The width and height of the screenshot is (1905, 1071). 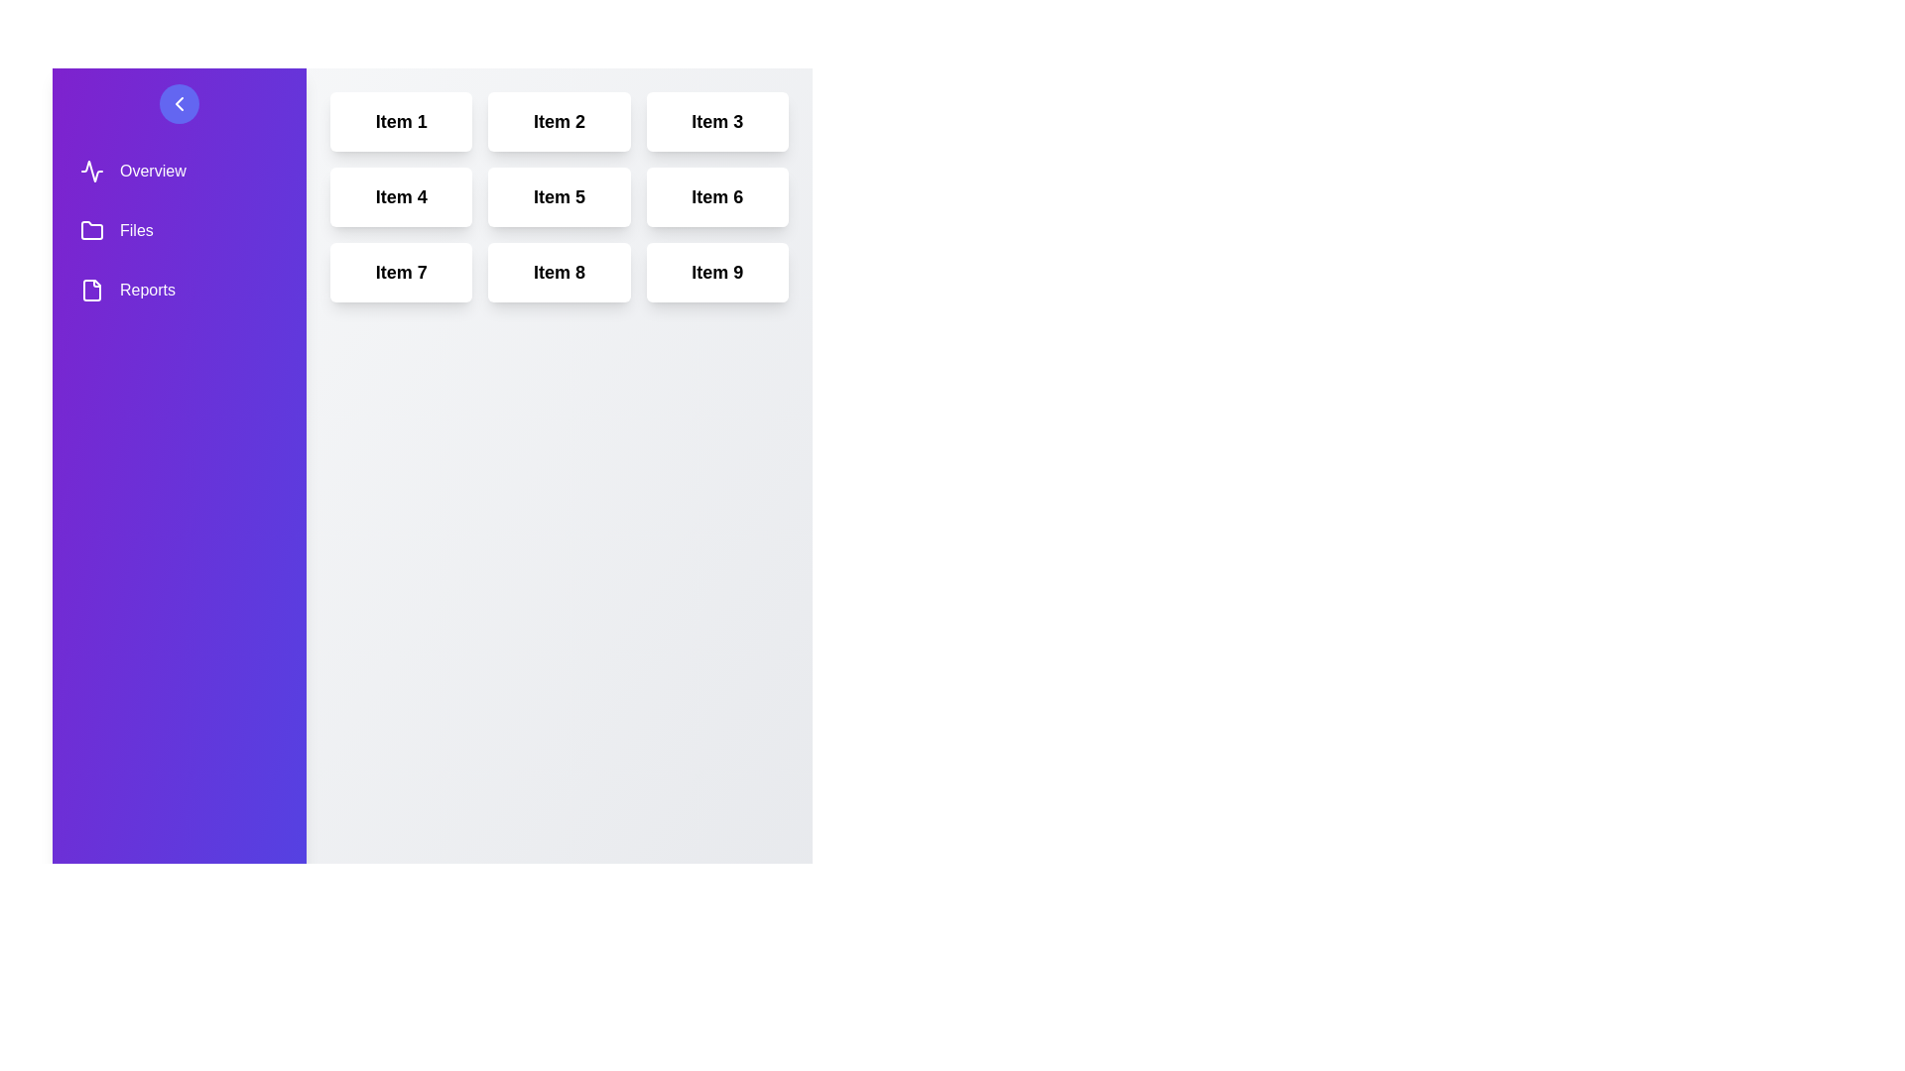 What do you see at coordinates (180, 291) in the screenshot?
I see `the sidebar menu item corresponding to Reports` at bounding box center [180, 291].